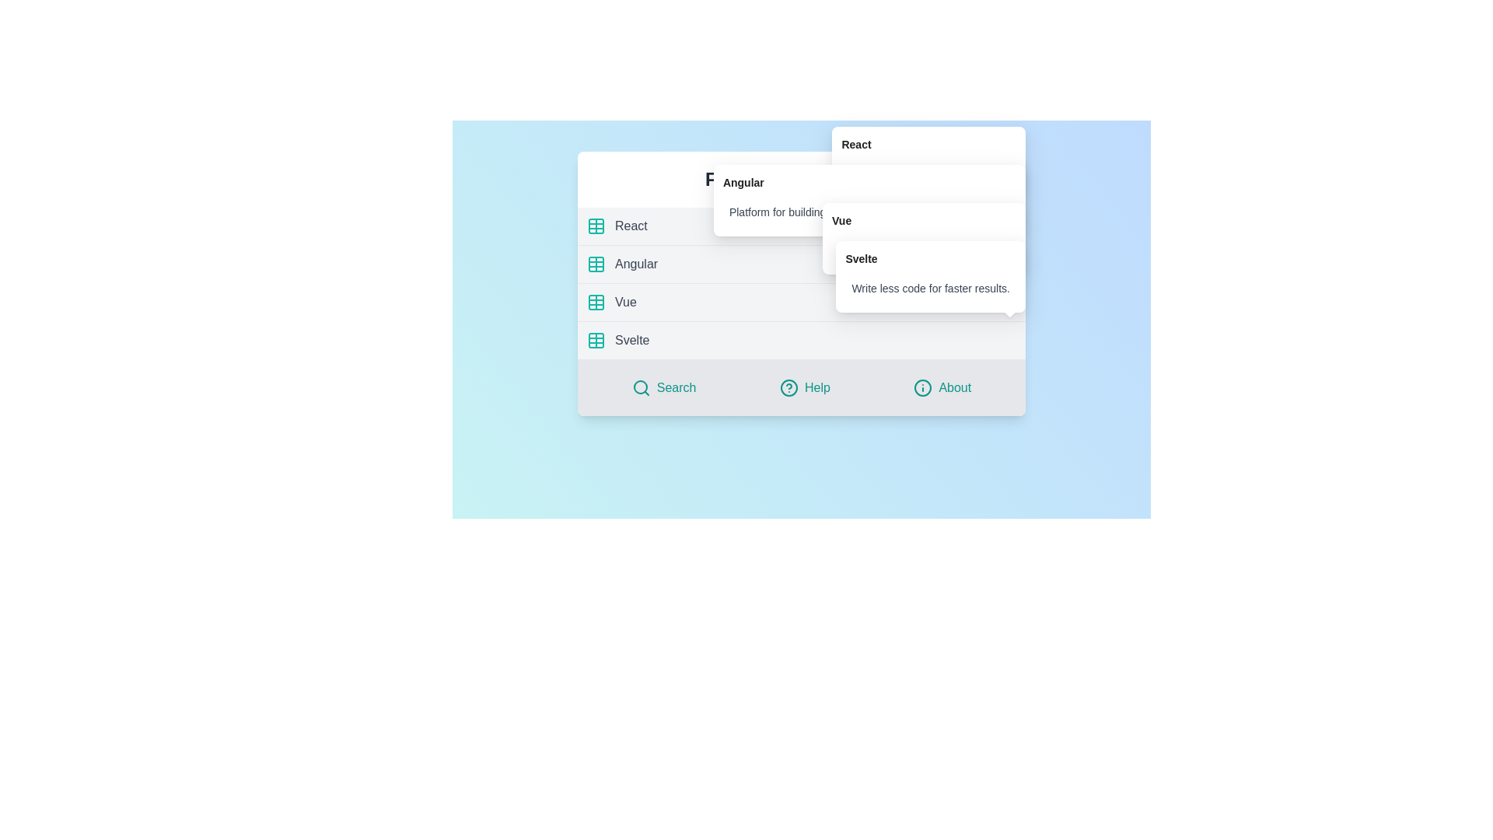 The height and width of the screenshot is (840, 1493). Describe the element at coordinates (596, 226) in the screenshot. I see `the teal grid icon located on the left side of the 'React' row in the vertical menu` at that location.